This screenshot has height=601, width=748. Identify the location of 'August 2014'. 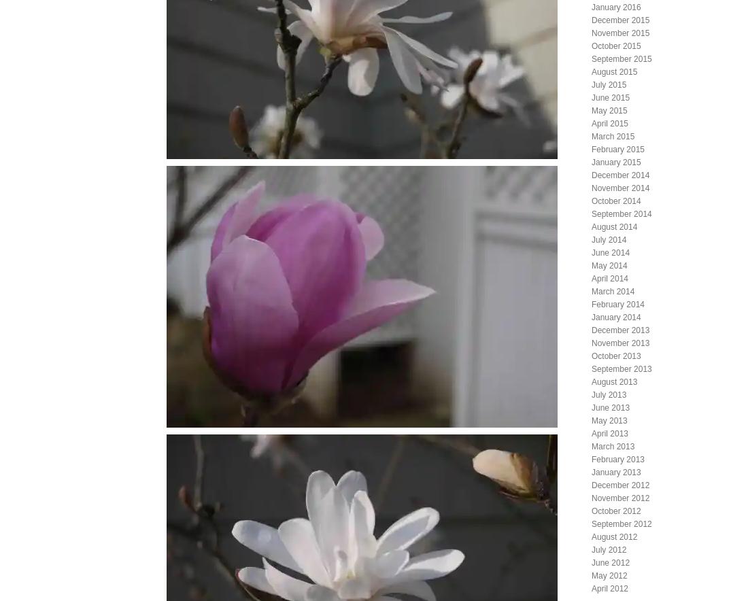
(614, 226).